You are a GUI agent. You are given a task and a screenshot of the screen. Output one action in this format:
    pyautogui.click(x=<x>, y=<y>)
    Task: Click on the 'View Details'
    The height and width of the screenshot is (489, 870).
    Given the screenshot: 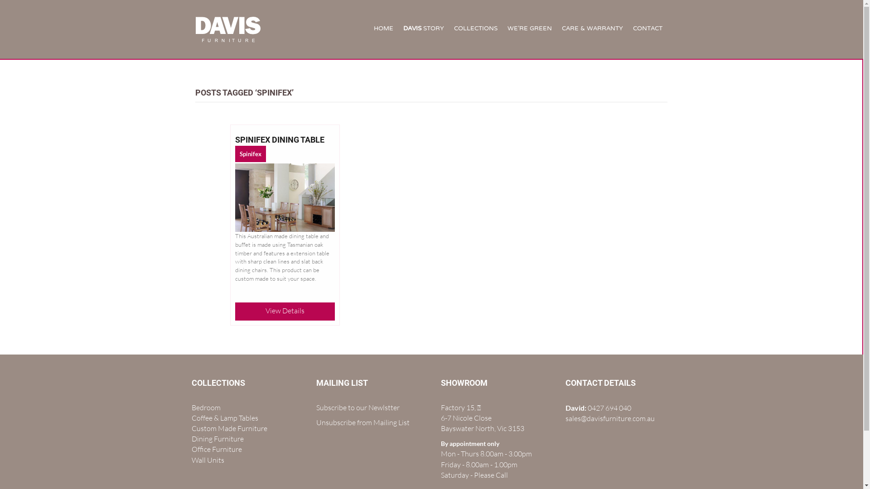 What is the action you would take?
    pyautogui.click(x=284, y=310)
    